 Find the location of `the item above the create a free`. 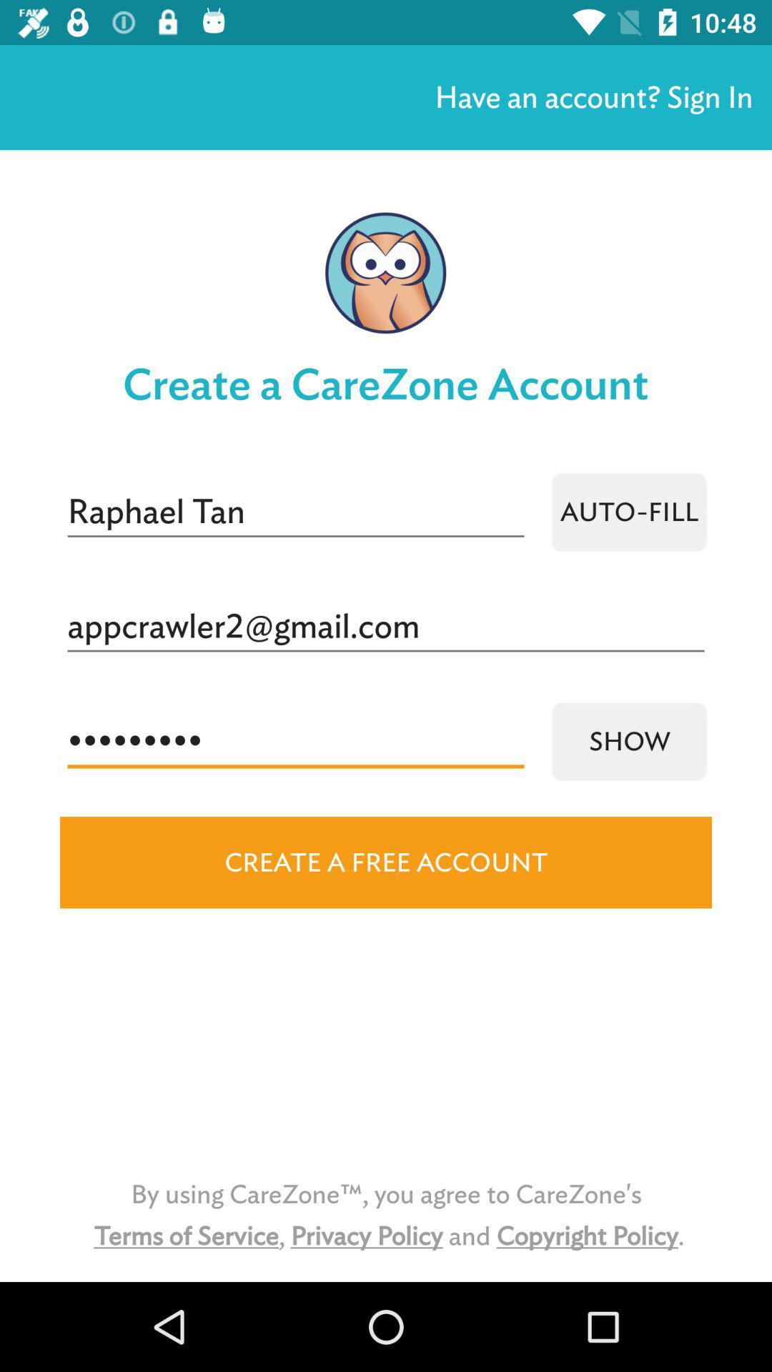

the item above the create a free is located at coordinates (628, 741).